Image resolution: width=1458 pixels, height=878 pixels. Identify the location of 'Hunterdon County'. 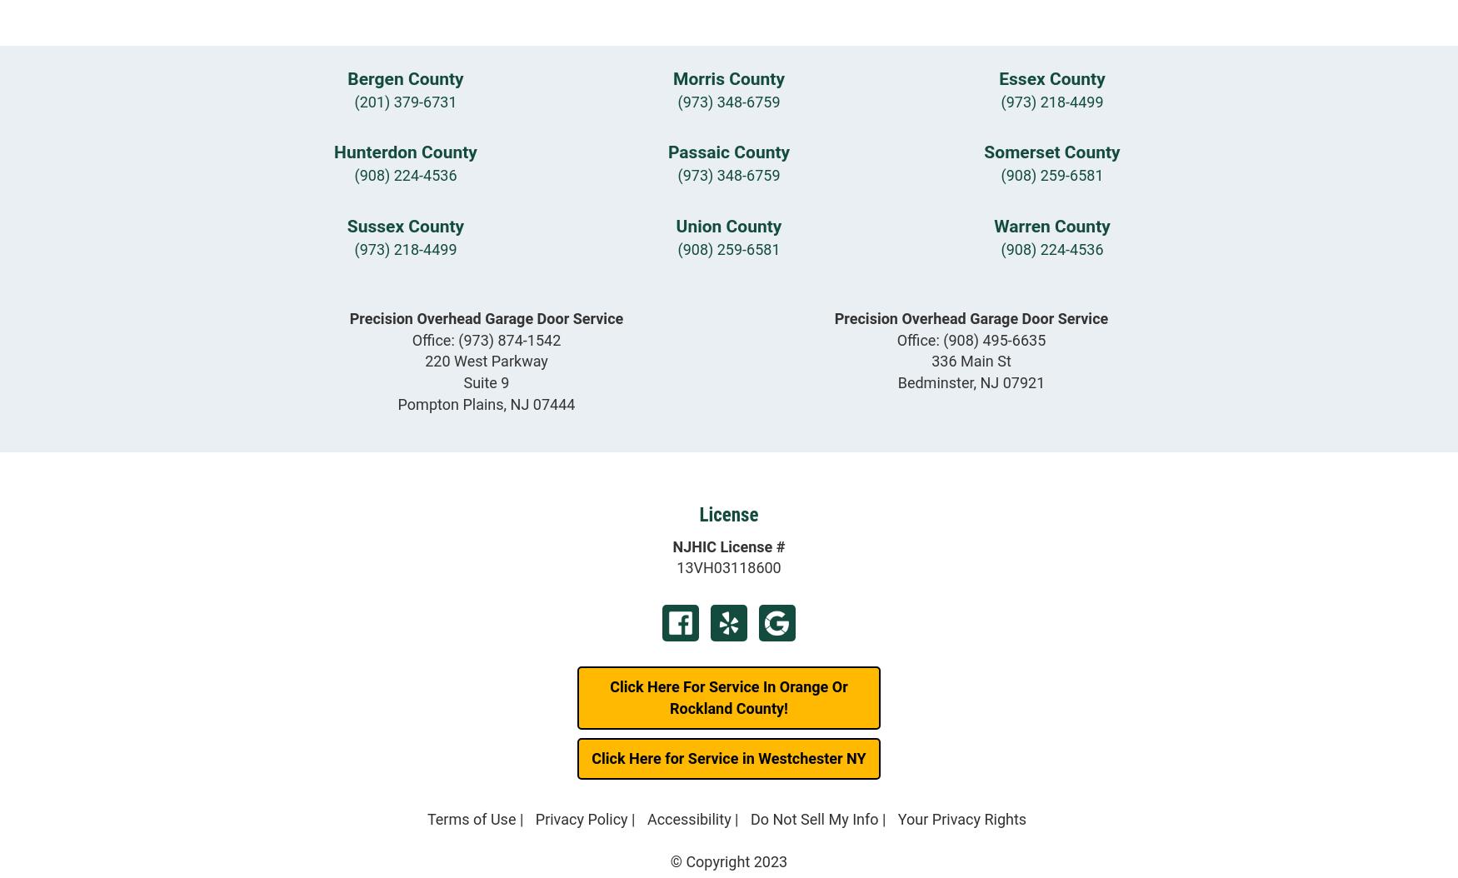
(405, 151).